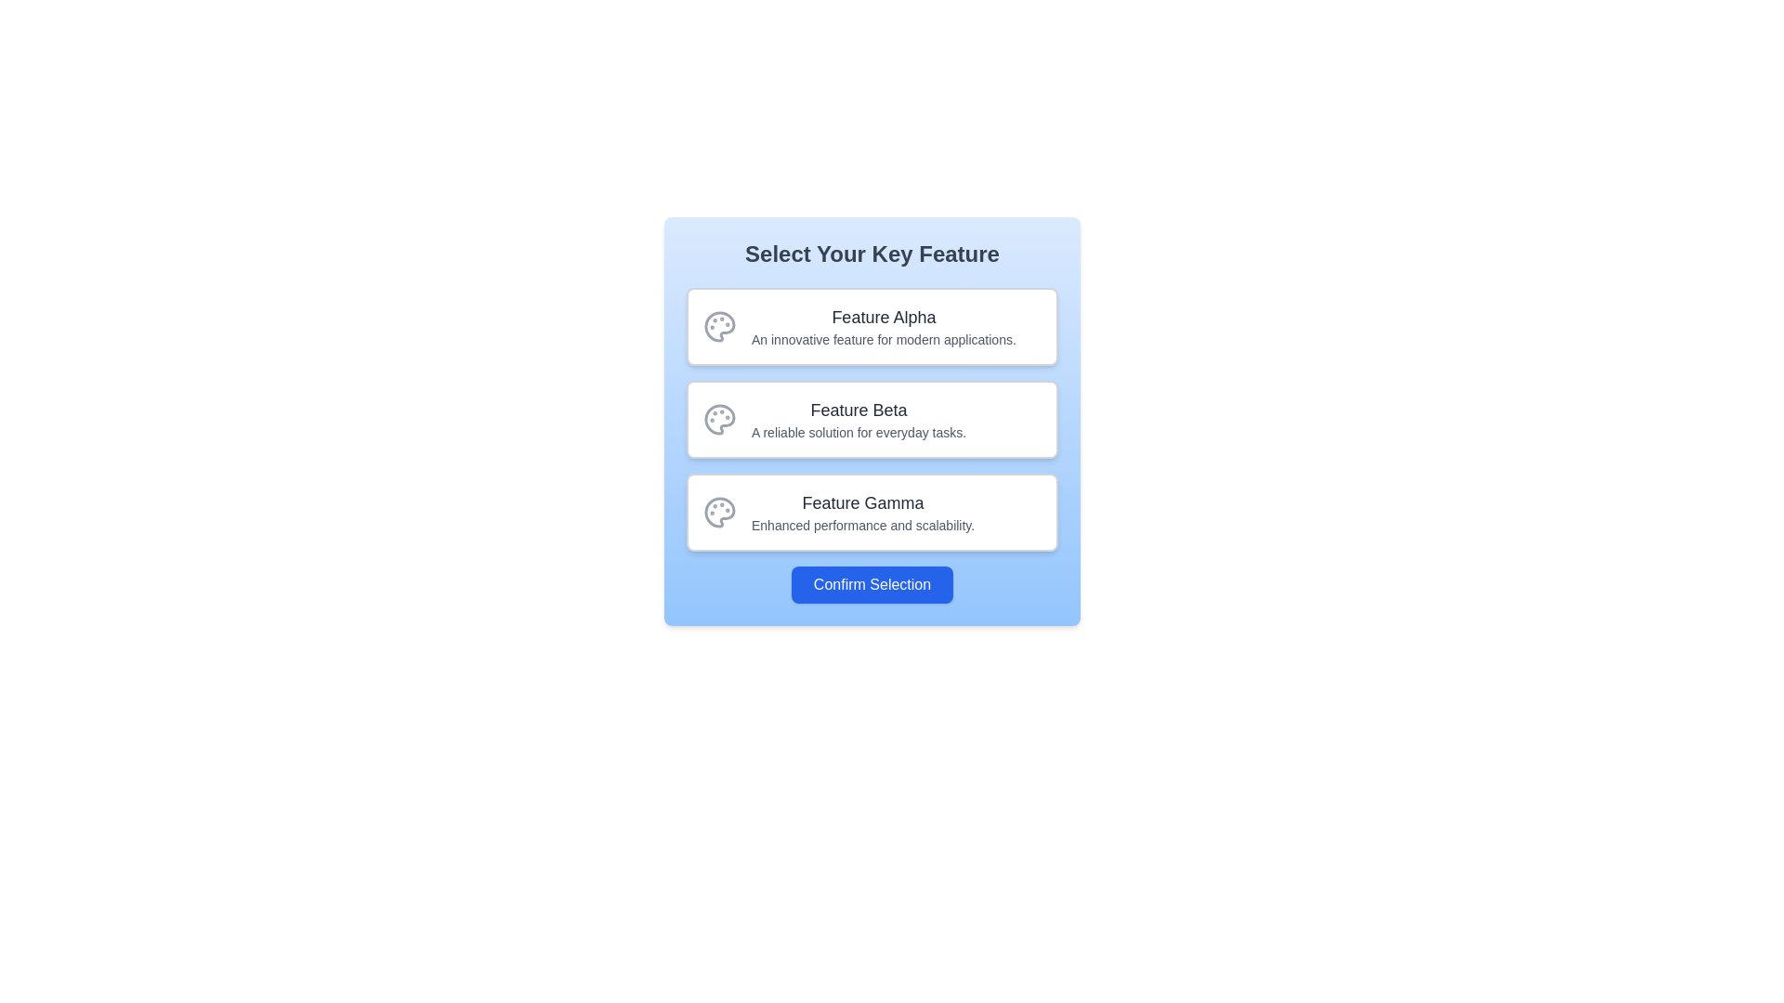  Describe the element at coordinates (883, 317) in the screenshot. I see `the Text label that serves as the title for the first feature in the list of selectable options, indicating the name of the feature` at that location.